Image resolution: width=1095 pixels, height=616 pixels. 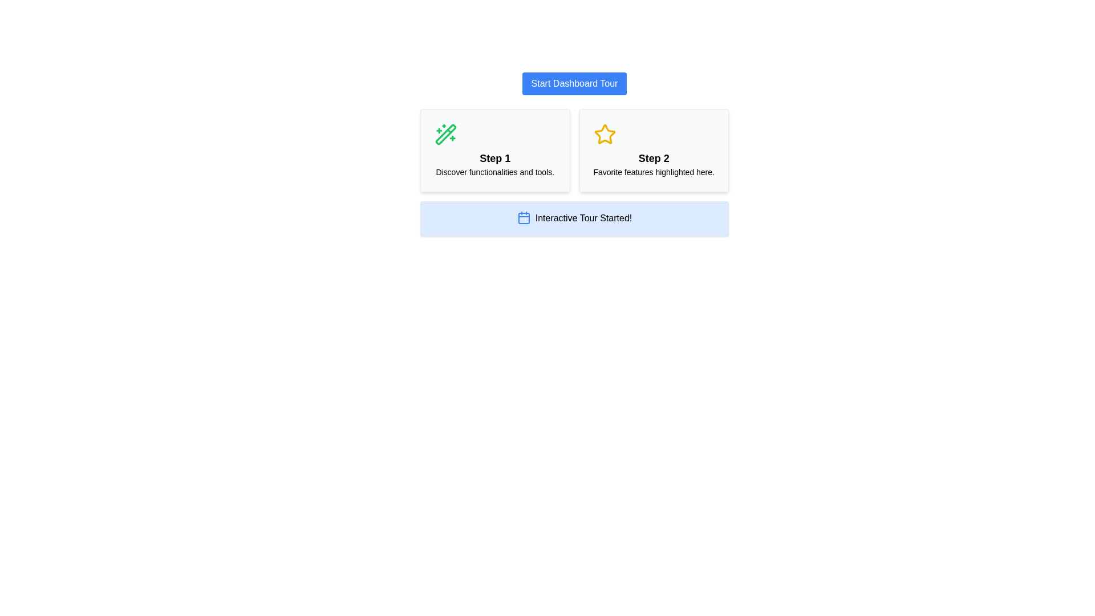 What do you see at coordinates (445, 133) in the screenshot?
I see `the decorative green magic wand icon with sparkles located above the text 'Step 1' in the left card of a two-card layout` at bounding box center [445, 133].